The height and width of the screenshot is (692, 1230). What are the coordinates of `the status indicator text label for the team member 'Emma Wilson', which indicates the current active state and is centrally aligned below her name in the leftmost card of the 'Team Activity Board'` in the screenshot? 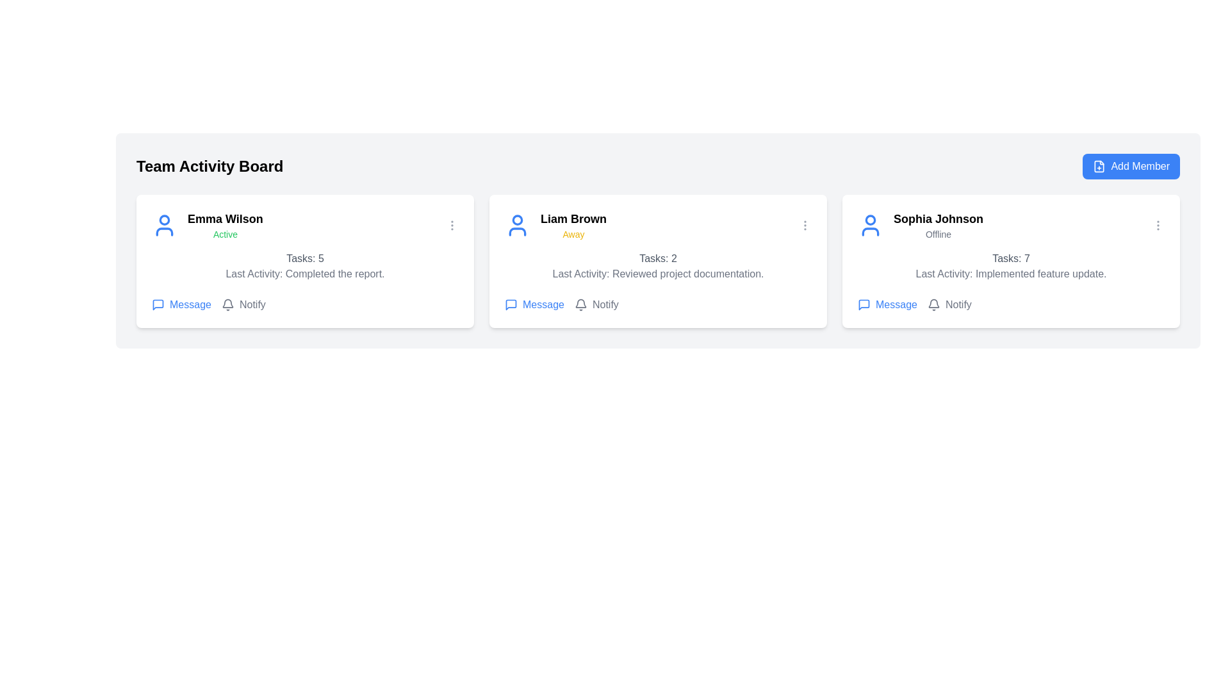 It's located at (225, 235).